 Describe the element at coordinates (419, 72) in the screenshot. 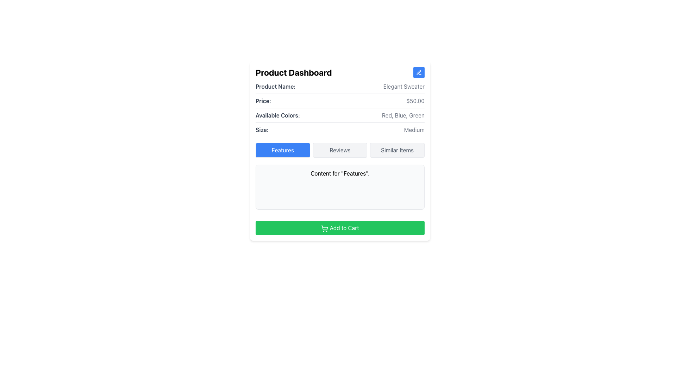

I see `the edit button located at the top-right corner of the 'Product Dashboard' card` at that location.